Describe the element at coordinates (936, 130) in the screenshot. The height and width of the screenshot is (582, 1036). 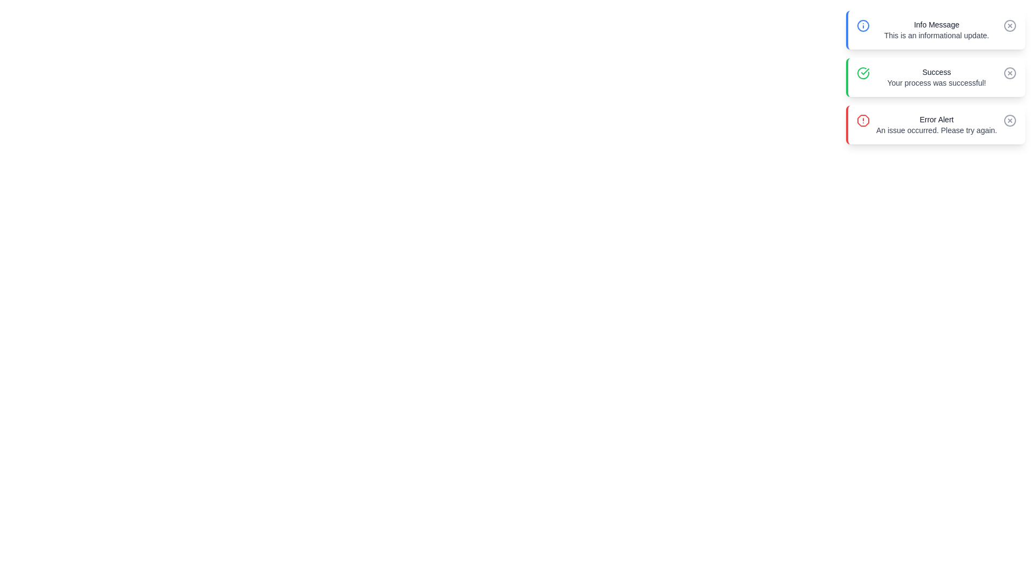
I see `the static error message text located below 'Error Alert' in the notification card on the right side of the interface` at that location.